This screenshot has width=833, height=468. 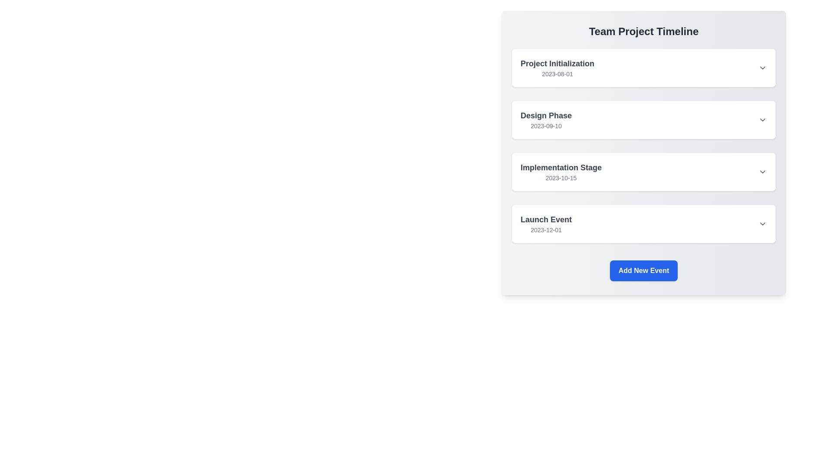 I want to click on text displayed in the Text Display (Grouped Text Element) that indicates the current timeline phase, which is styled with a larger, bold font and is located in the center-right section of the timeline interface, so click(x=561, y=172).